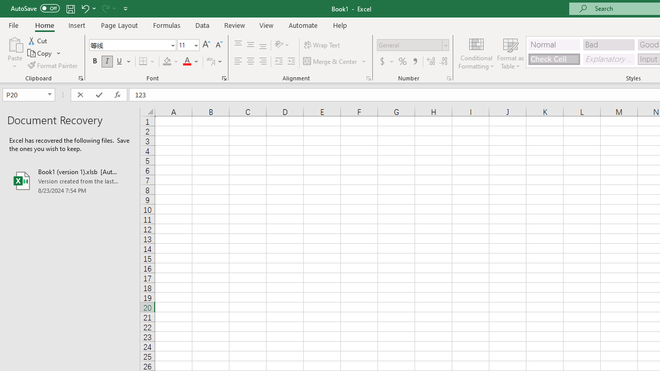 Image resolution: width=660 pixels, height=371 pixels. Describe the element at coordinates (331, 61) in the screenshot. I see `'Merge & Center'` at that location.